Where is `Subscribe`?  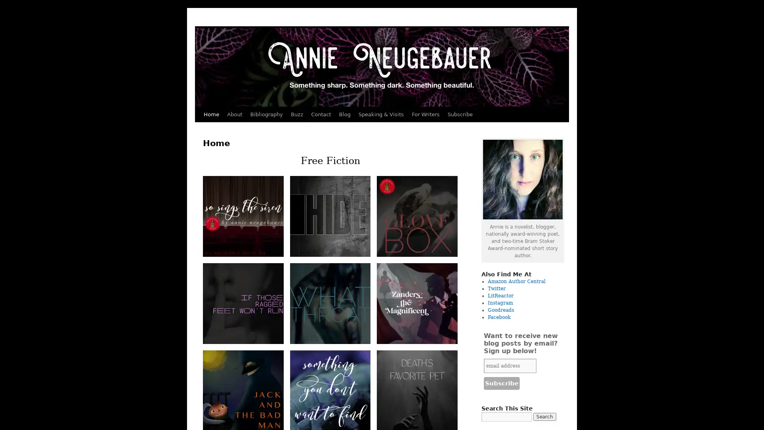 Subscribe is located at coordinates (501, 383).